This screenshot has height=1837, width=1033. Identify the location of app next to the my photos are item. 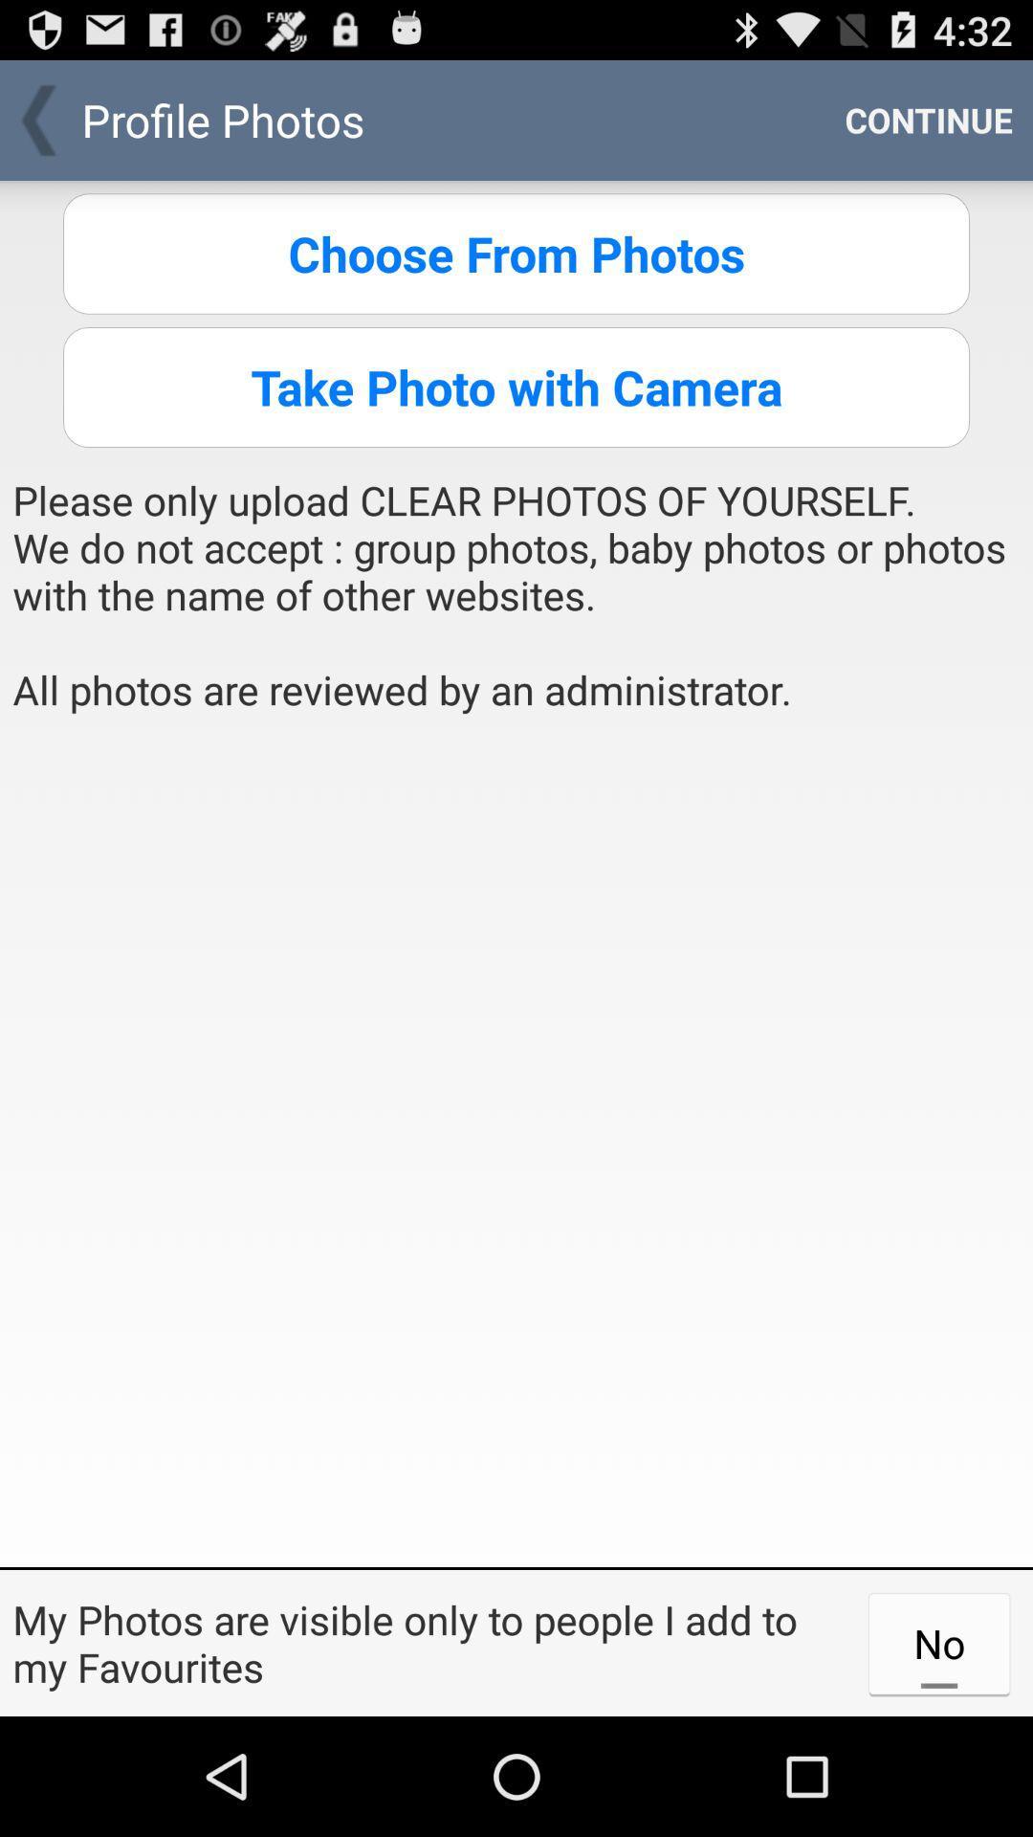
(938, 1642).